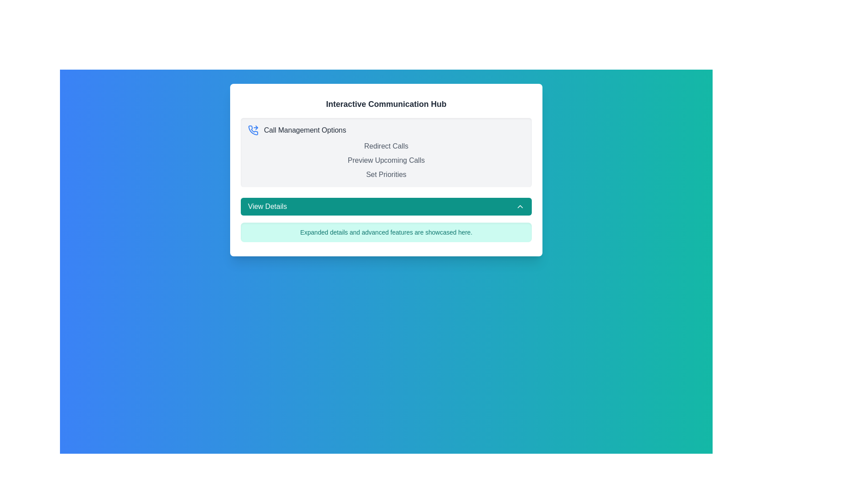 The image size is (853, 479). I want to click on the 'Set Priorities' text label, which is displayed in gray color and positioned below the 'Redirect Calls' and 'Preview Upcoming Calls' elements in the Call Management Options section, so click(386, 175).